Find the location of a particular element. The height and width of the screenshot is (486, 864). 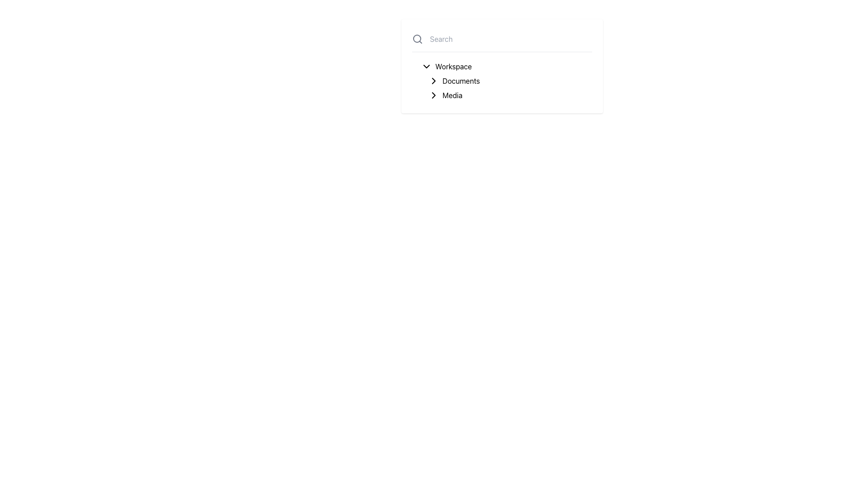

the navigational label for 'Workspace', which is the first item in a vertical list under a collapsible section header with a downward arrow icon is located at coordinates (454, 66).